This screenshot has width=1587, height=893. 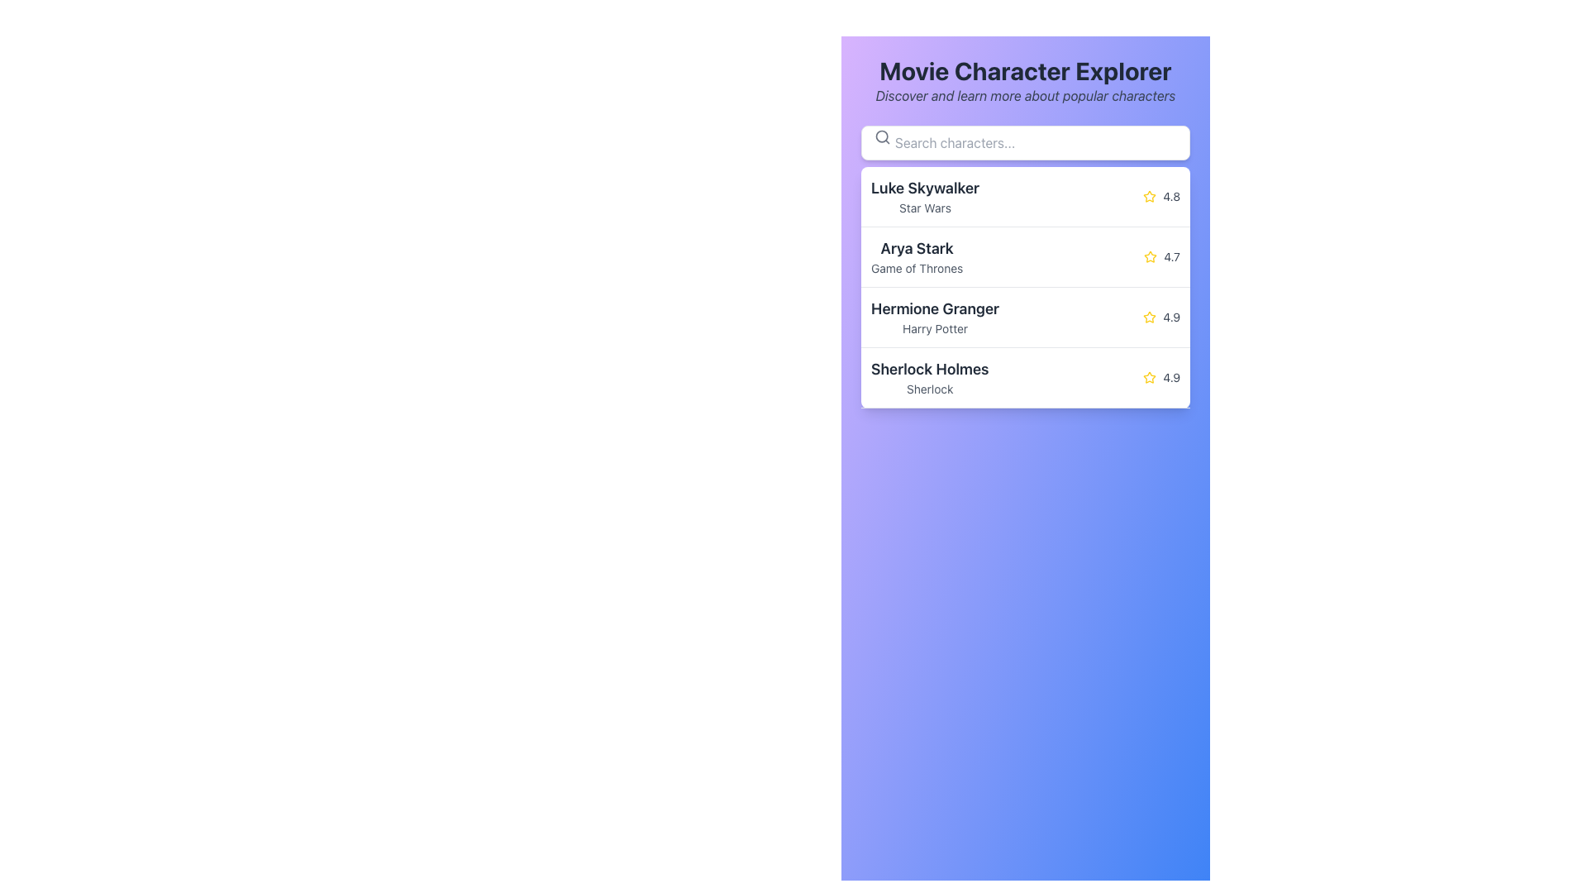 What do you see at coordinates (1160, 318) in the screenshot?
I see `the Rating Display element that shows a star icon and the text '4.9' adjacent to it, indicating a rating metric for the 'Hermione Granger - Harry Potter' entry` at bounding box center [1160, 318].